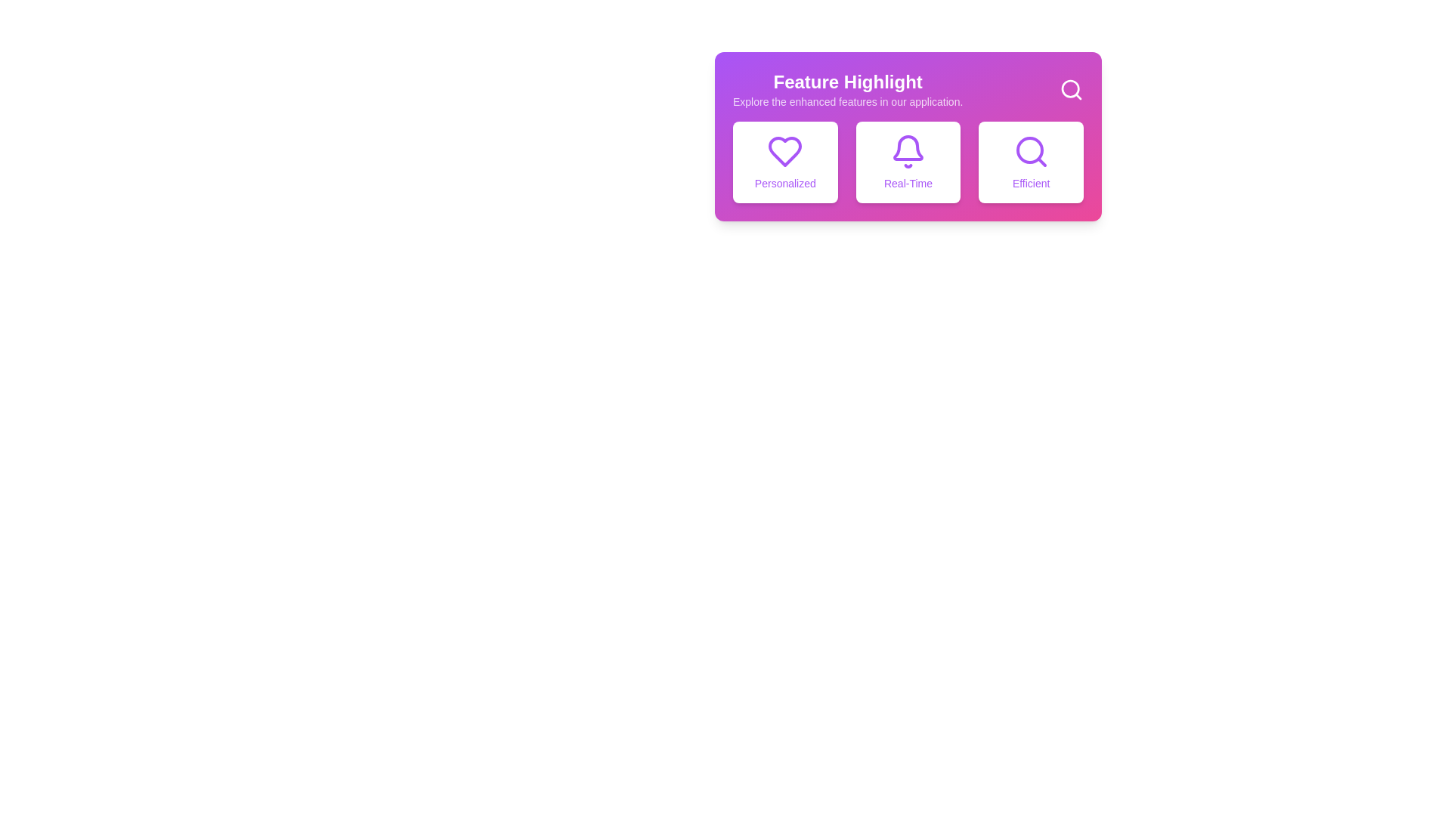  I want to click on the magnifying glass icon with a purple outline located within the 'Efficient' card, the rightmost card beneath the 'Feature Highlight' title, so click(1030, 151).